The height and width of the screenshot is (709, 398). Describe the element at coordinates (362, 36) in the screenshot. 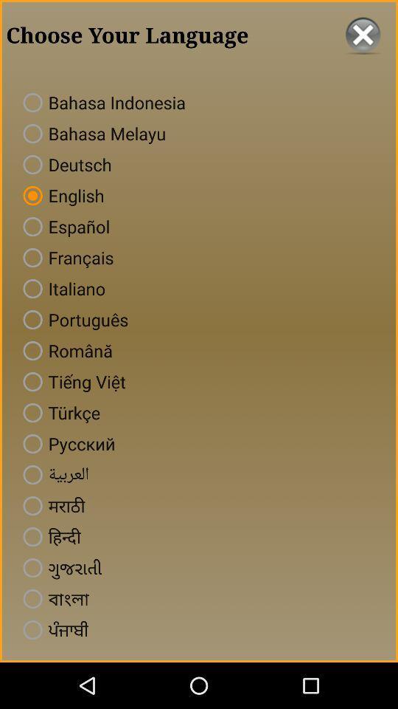

I see `the close icon` at that location.